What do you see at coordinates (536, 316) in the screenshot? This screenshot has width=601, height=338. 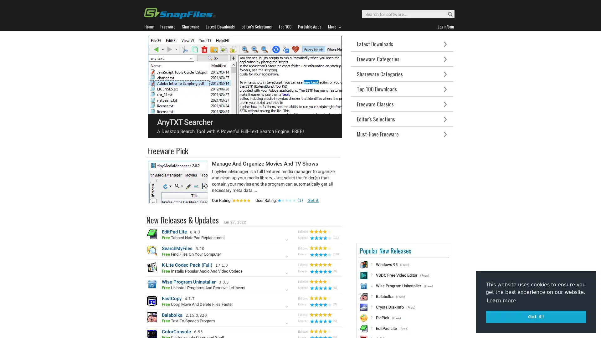 I see `dismiss cookie message` at bounding box center [536, 316].